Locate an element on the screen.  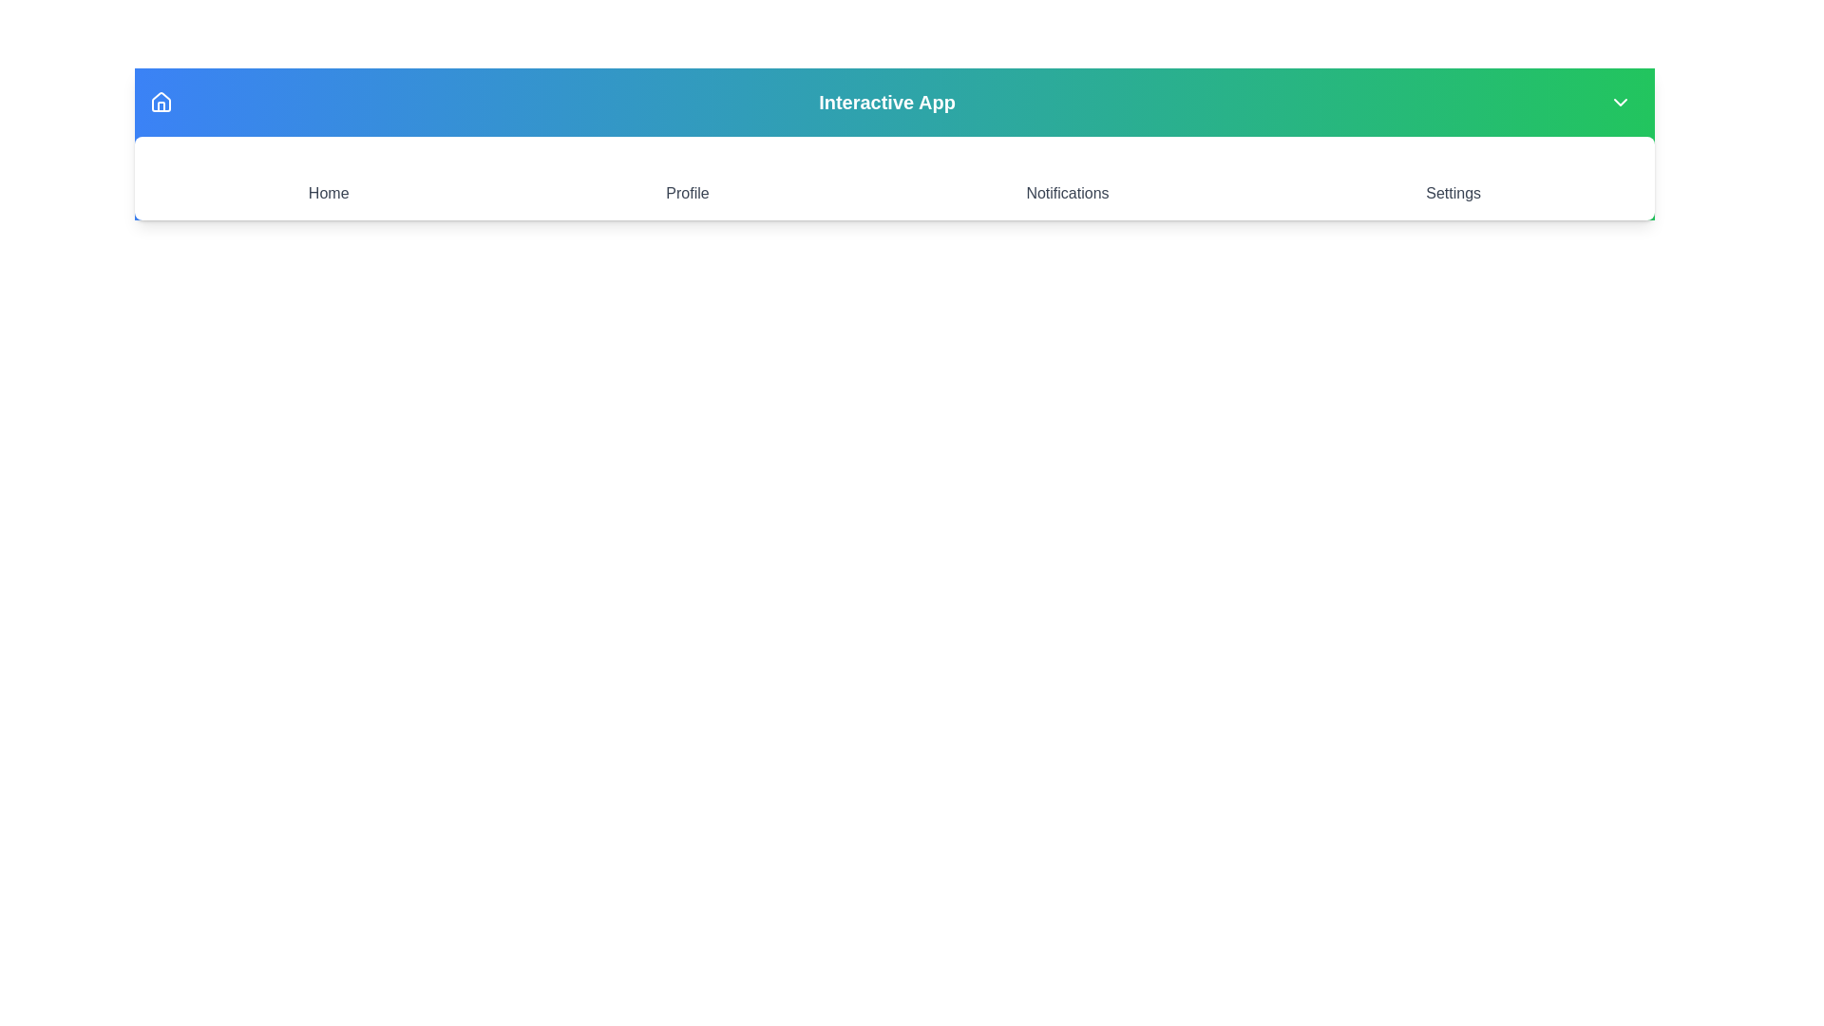
the dropdown button to toggle the menu visibility is located at coordinates (1619, 103).